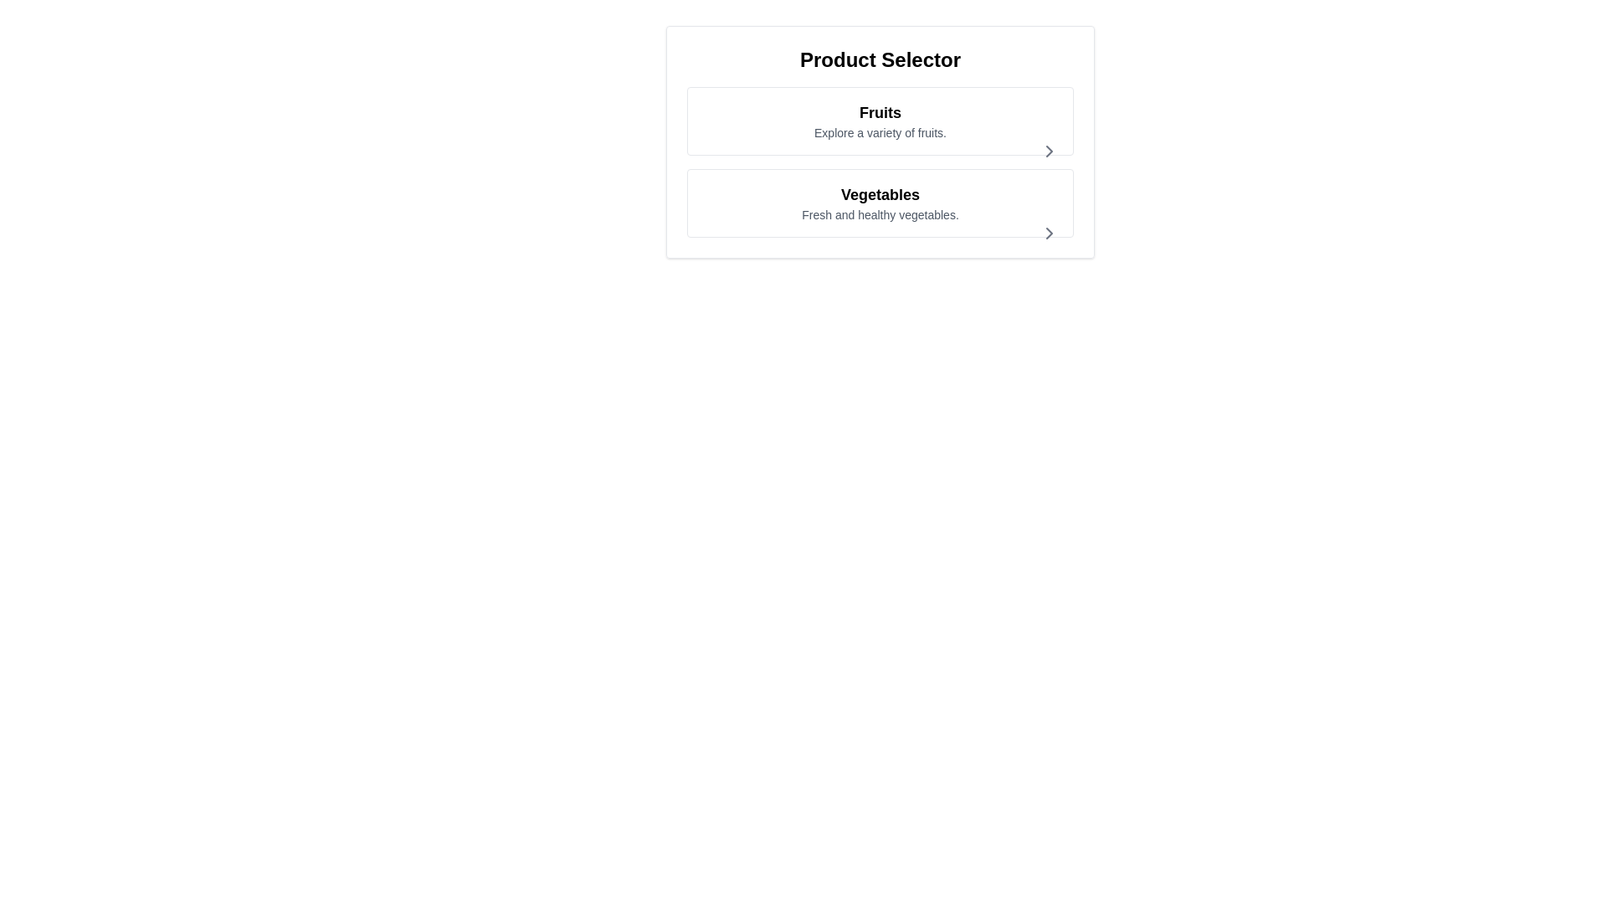  What do you see at coordinates (1048, 152) in the screenshot?
I see `the gray right-pointing chevron icon located at the extreme right of the first card labeled 'Fruits' in the 'Product Selector' interface` at bounding box center [1048, 152].